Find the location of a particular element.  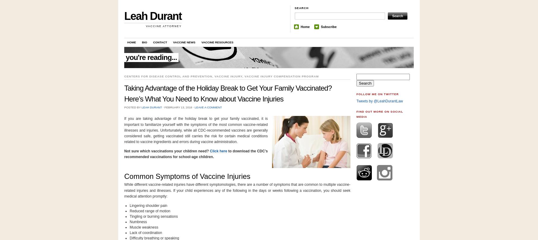

'vaccine injury' is located at coordinates (214, 76).